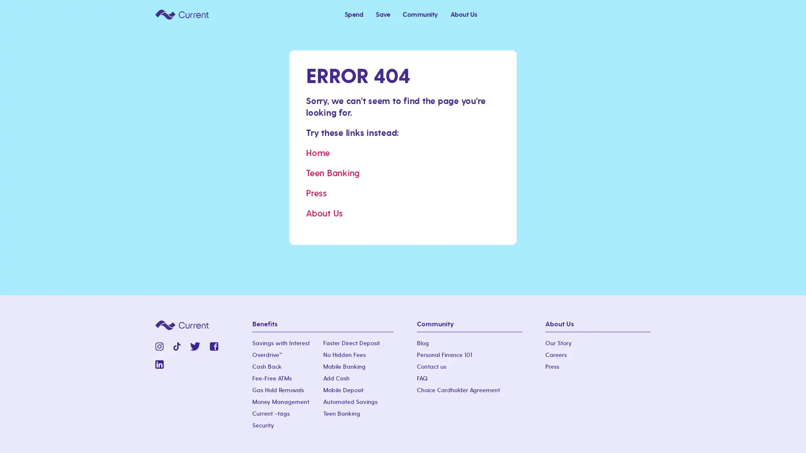 The width and height of the screenshot is (806, 453). I want to click on Add Cash, so click(336, 378).